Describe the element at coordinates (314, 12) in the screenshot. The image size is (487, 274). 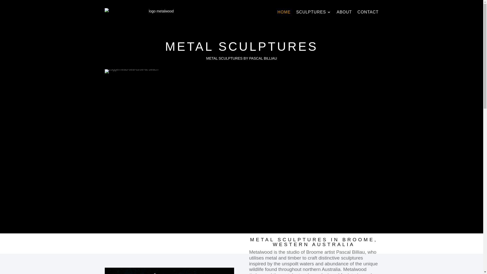
I see `'SCULPTURES'` at that location.